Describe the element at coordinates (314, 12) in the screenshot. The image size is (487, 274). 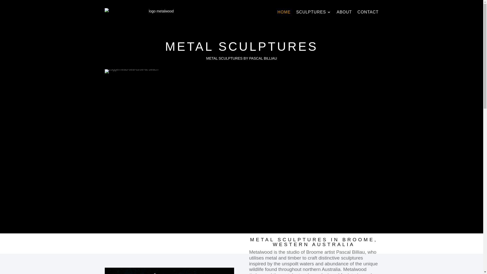
I see `'SCULPTURES'` at that location.